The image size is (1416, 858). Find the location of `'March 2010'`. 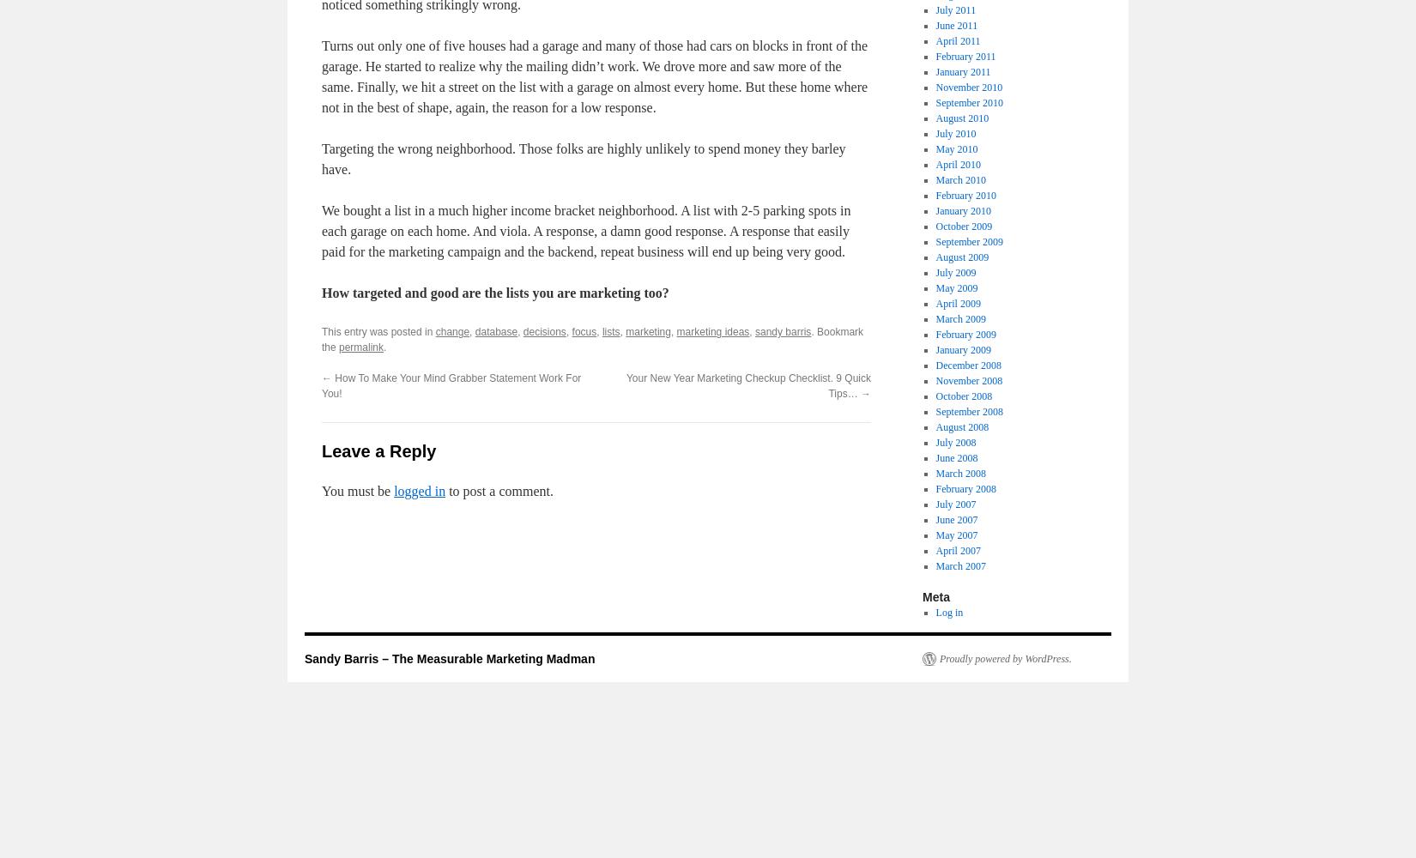

'March 2010' is located at coordinates (935, 179).